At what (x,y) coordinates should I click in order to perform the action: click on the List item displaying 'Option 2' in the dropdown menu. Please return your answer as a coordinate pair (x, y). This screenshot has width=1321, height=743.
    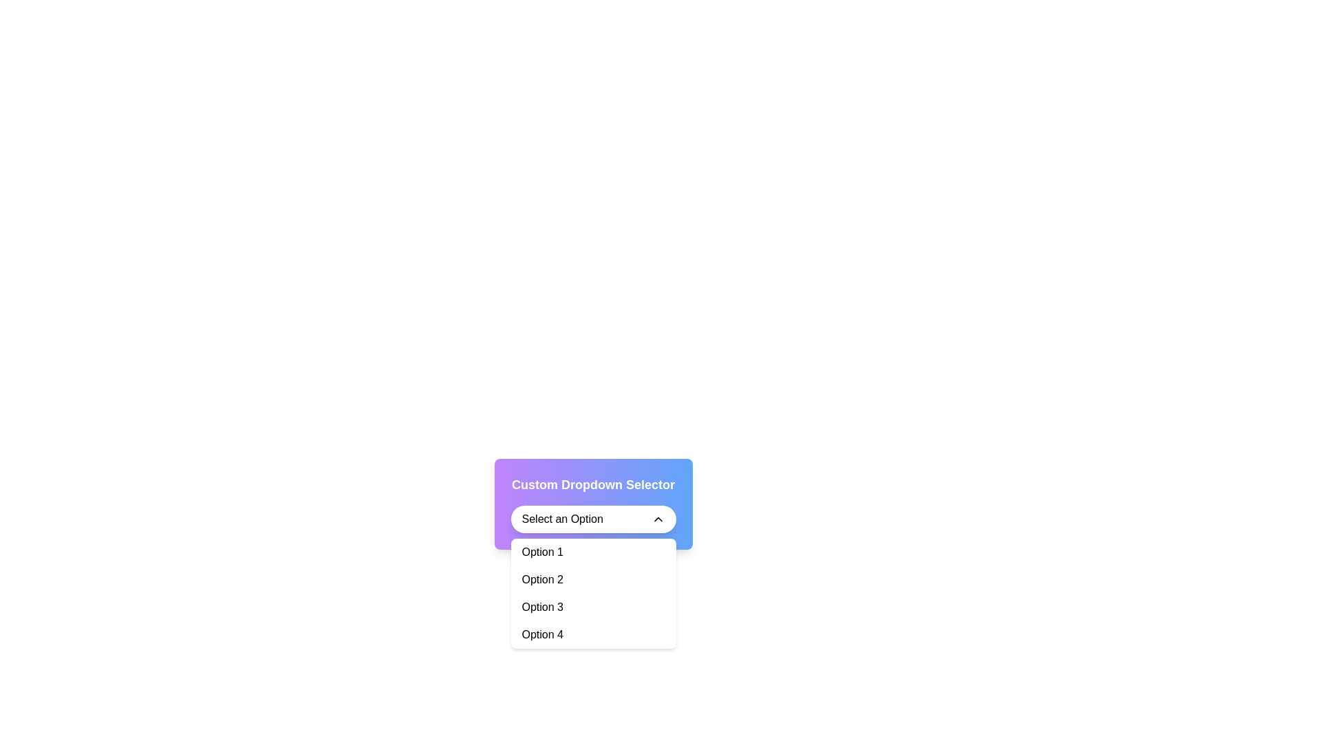
    Looking at the image, I should click on (593, 580).